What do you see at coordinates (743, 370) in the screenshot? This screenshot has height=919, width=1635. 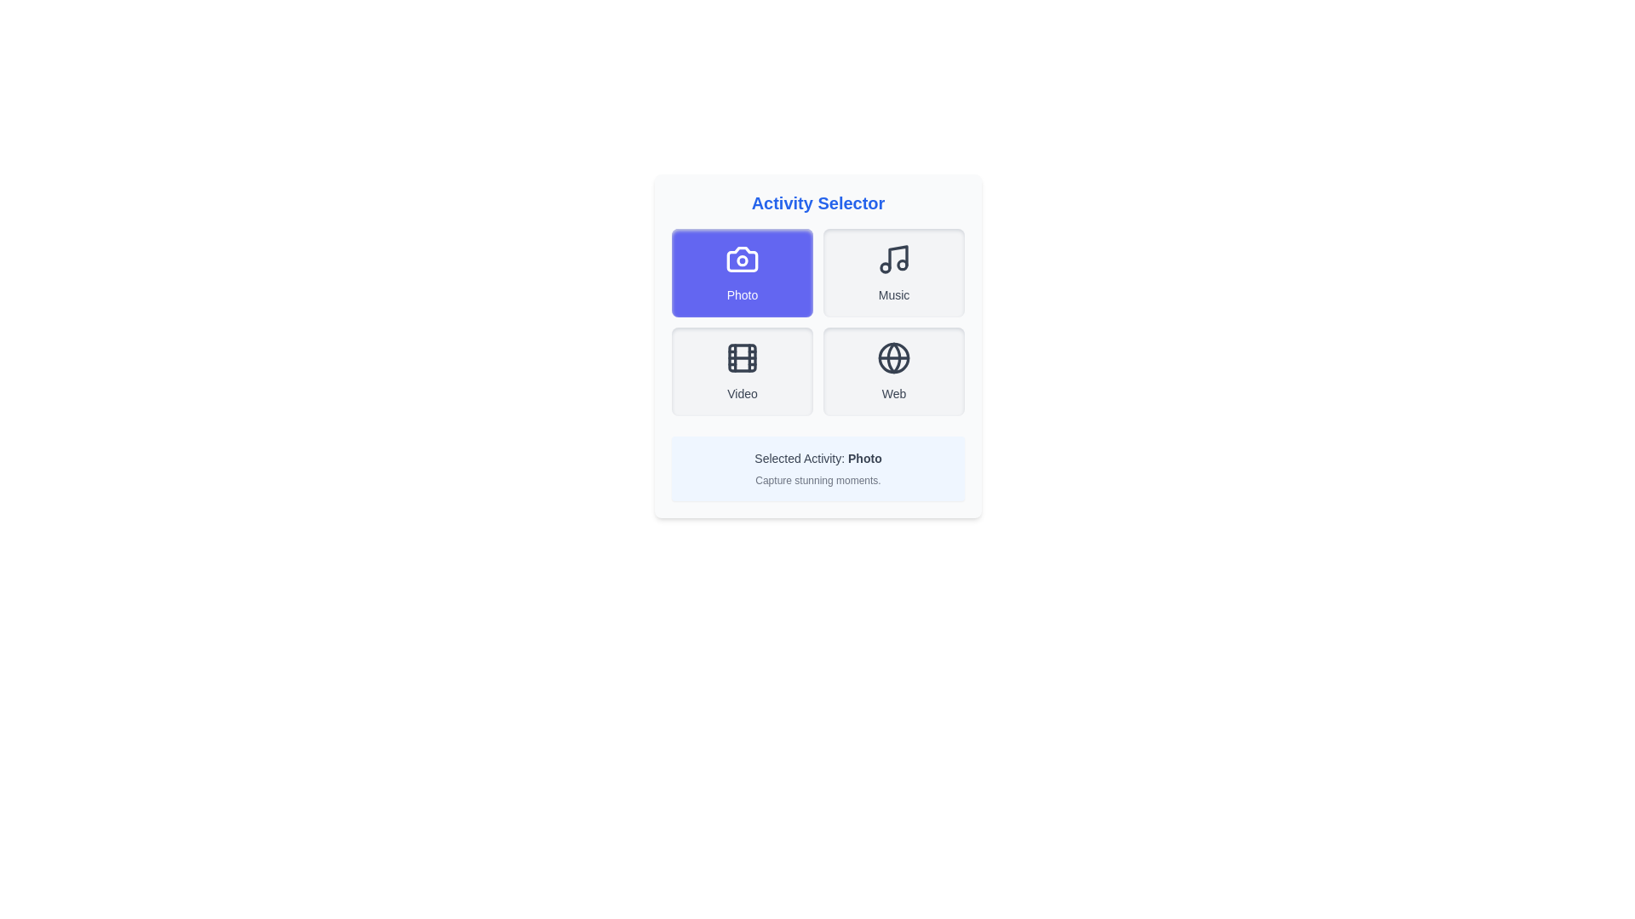 I see `the 'Video' button located in the bottom left quadrant of the Activity Selector section` at bounding box center [743, 370].